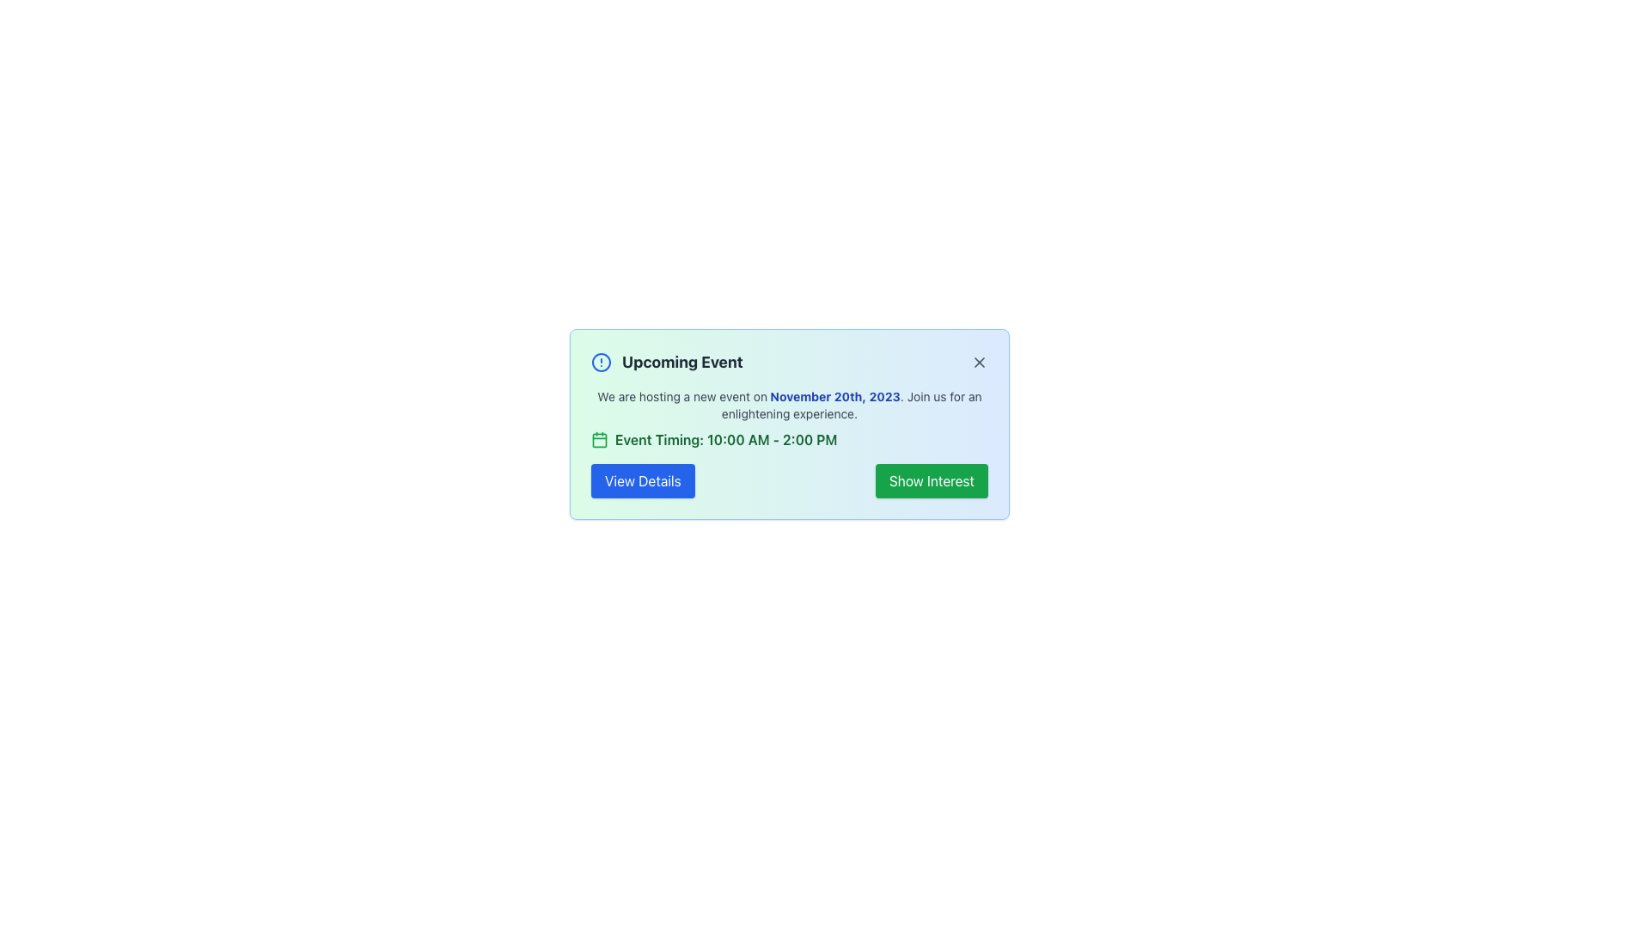 The image size is (1650, 928). Describe the element at coordinates (681, 361) in the screenshot. I see `the text label that serves as the title for the notification, positioned to the right of a small circular blue icon` at that location.